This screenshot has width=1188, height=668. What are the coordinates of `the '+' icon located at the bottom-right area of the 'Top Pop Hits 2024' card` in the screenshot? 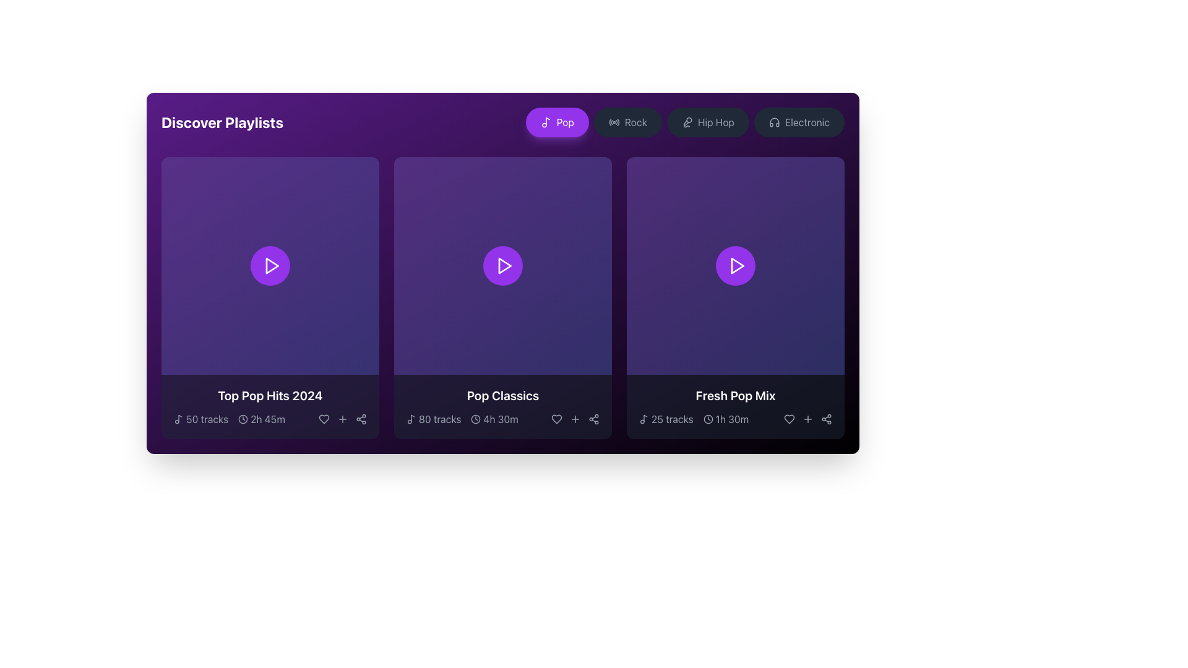 It's located at (342, 419).